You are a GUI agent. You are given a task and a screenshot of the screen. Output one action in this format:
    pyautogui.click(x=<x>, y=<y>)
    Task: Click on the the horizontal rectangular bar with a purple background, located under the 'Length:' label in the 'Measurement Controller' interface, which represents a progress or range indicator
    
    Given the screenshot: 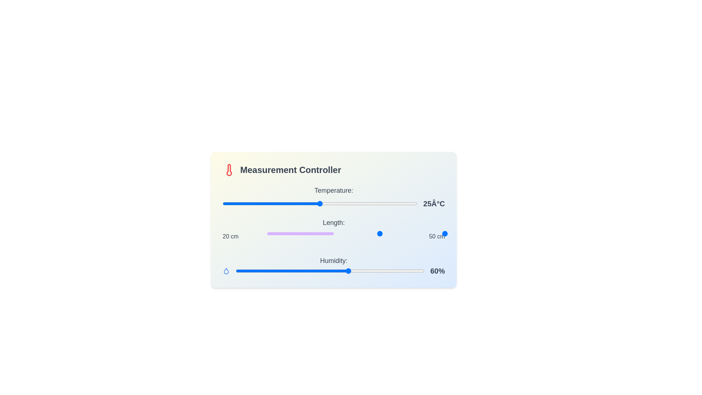 What is the action you would take?
    pyautogui.click(x=300, y=234)
    